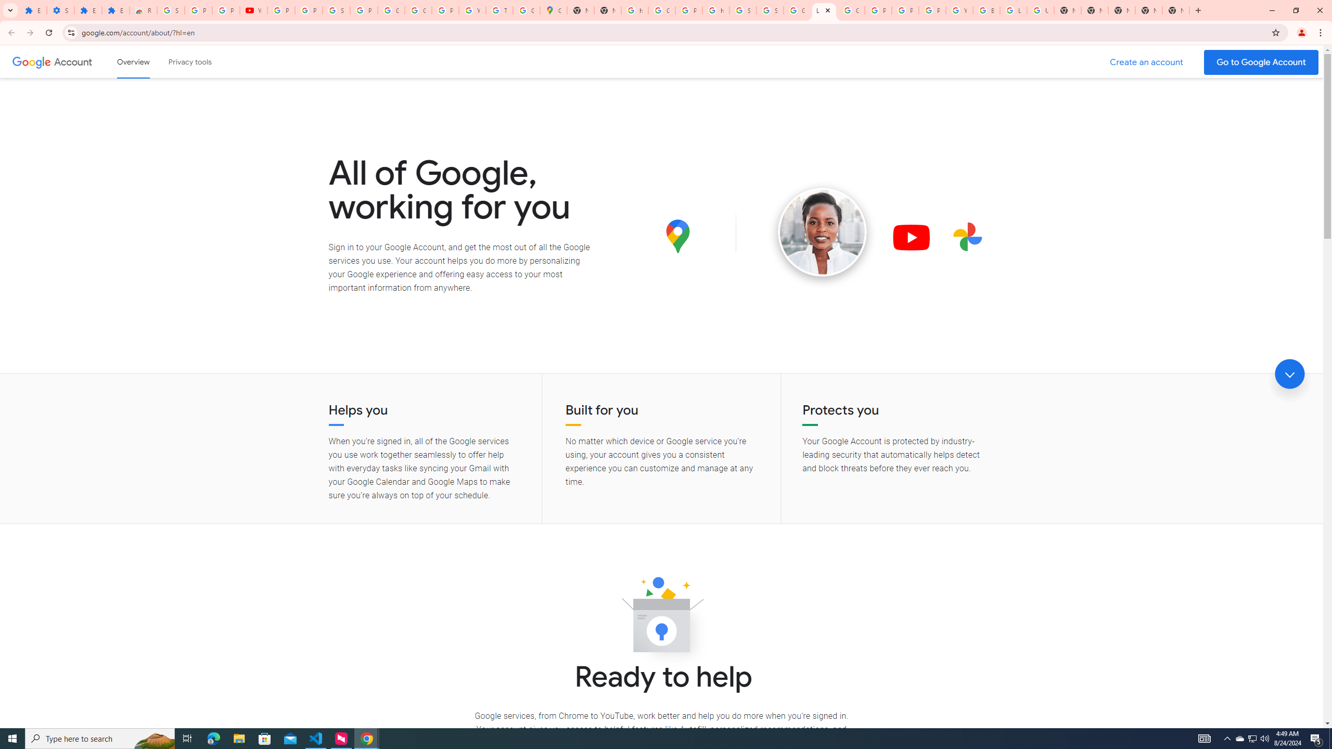 This screenshot has width=1332, height=749. What do you see at coordinates (143, 10) in the screenshot?
I see `'Reviews: Helix Fruit Jump Arcade Game'` at bounding box center [143, 10].